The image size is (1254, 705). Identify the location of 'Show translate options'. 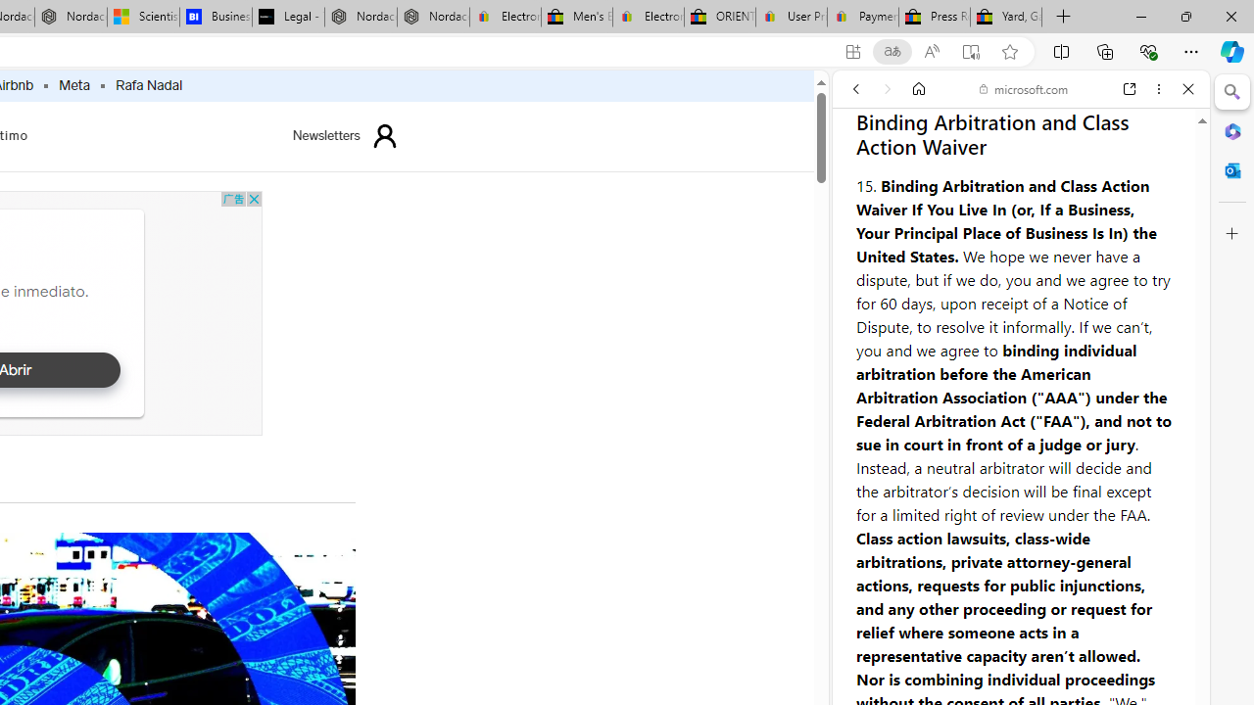
(891, 51).